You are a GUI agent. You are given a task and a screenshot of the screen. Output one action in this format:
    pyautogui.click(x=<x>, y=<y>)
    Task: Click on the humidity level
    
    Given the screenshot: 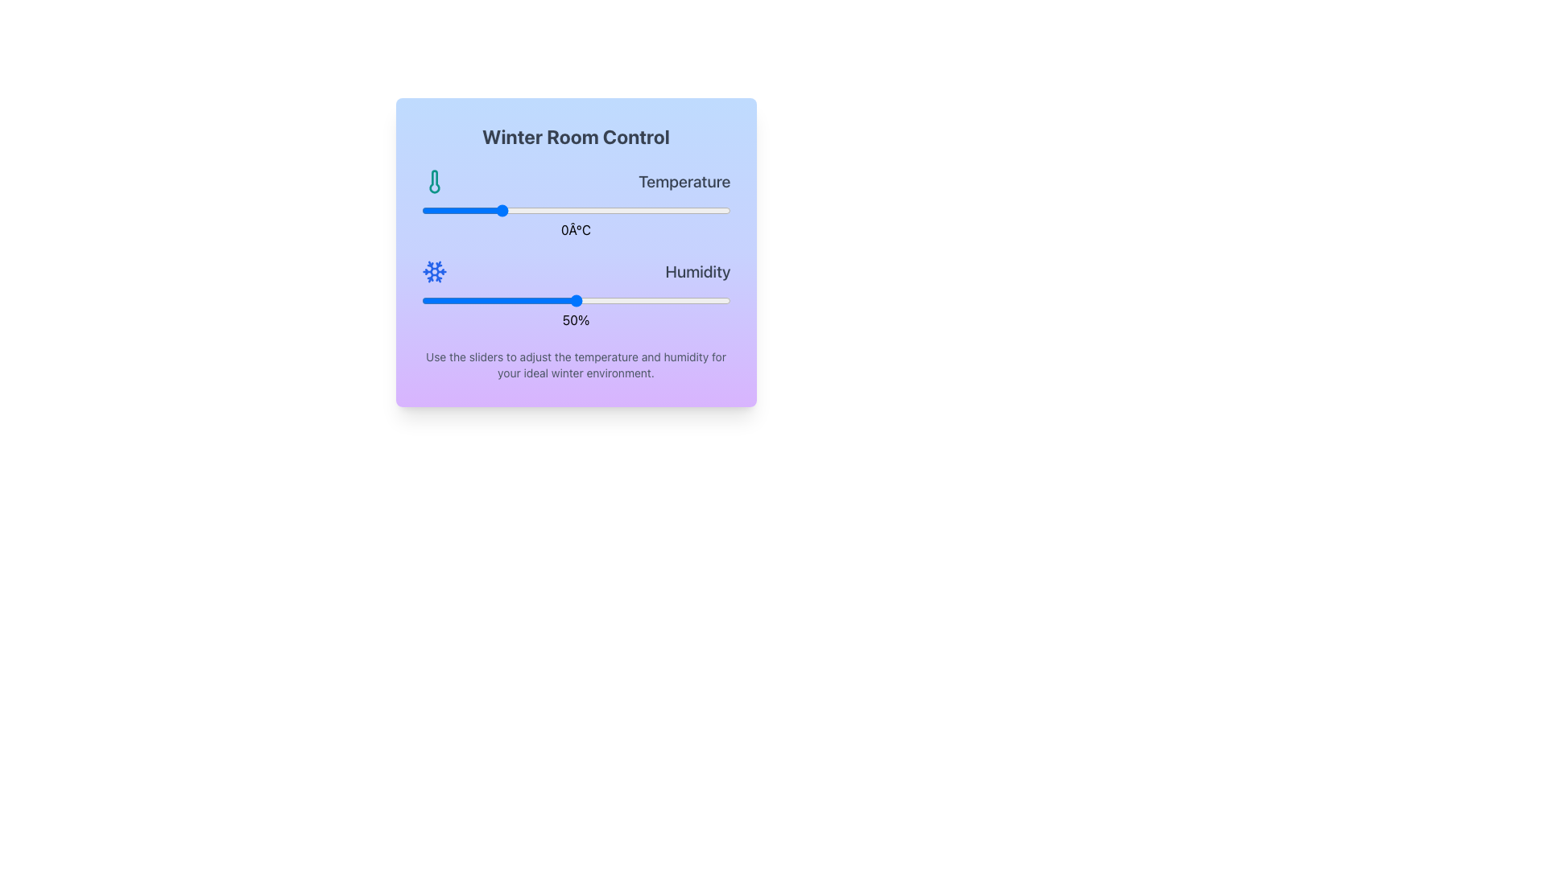 What is the action you would take?
    pyautogui.click(x=554, y=301)
    